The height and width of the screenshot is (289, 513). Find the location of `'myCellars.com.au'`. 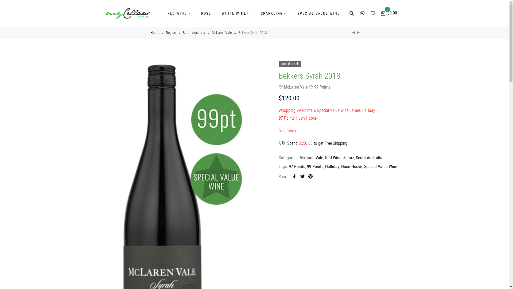

'myCellars.com.au' is located at coordinates (127, 13).